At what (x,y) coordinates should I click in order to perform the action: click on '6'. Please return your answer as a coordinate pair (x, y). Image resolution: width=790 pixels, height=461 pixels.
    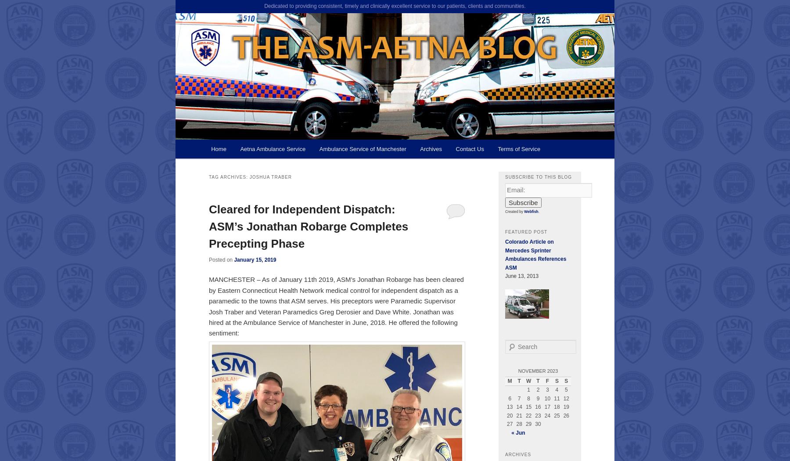
    Looking at the image, I should click on (509, 398).